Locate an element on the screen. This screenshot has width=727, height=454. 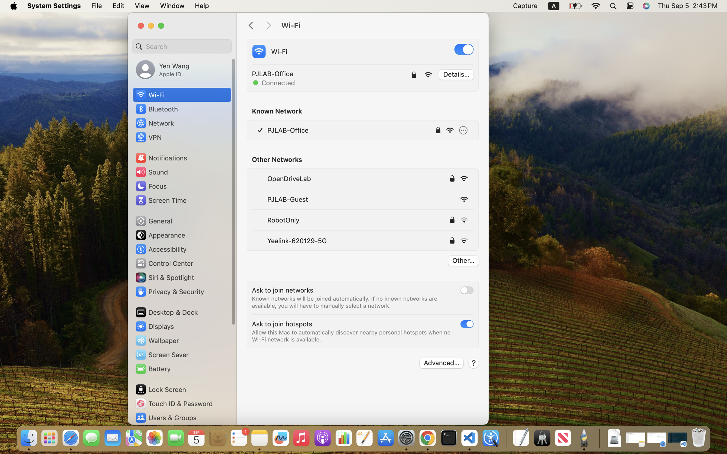
'VPN' is located at coordinates (148, 137).